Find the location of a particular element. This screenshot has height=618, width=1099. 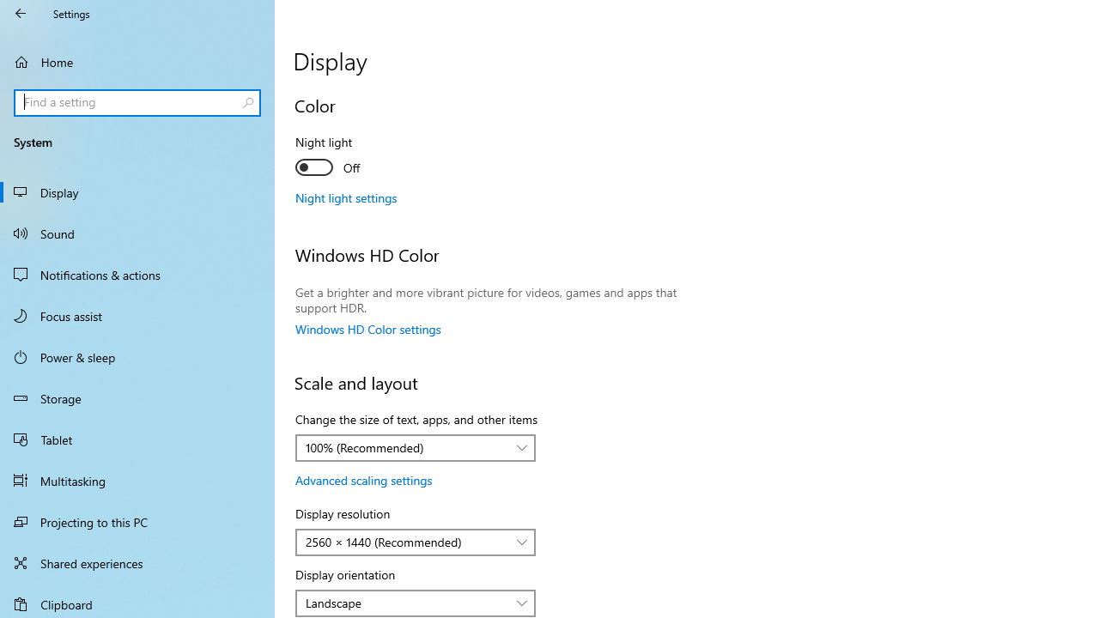

'Focus assist' is located at coordinates (137, 315).